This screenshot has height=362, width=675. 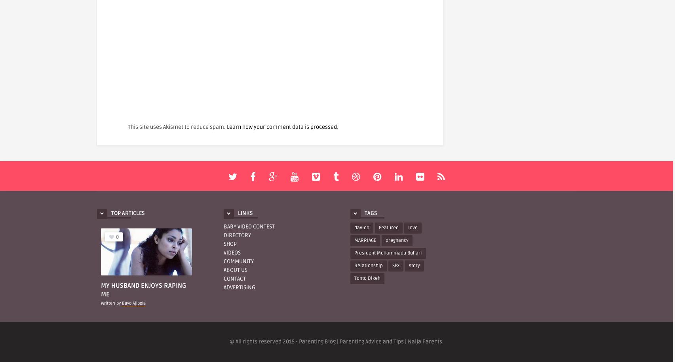 I want to click on 'Written by', so click(x=101, y=303).